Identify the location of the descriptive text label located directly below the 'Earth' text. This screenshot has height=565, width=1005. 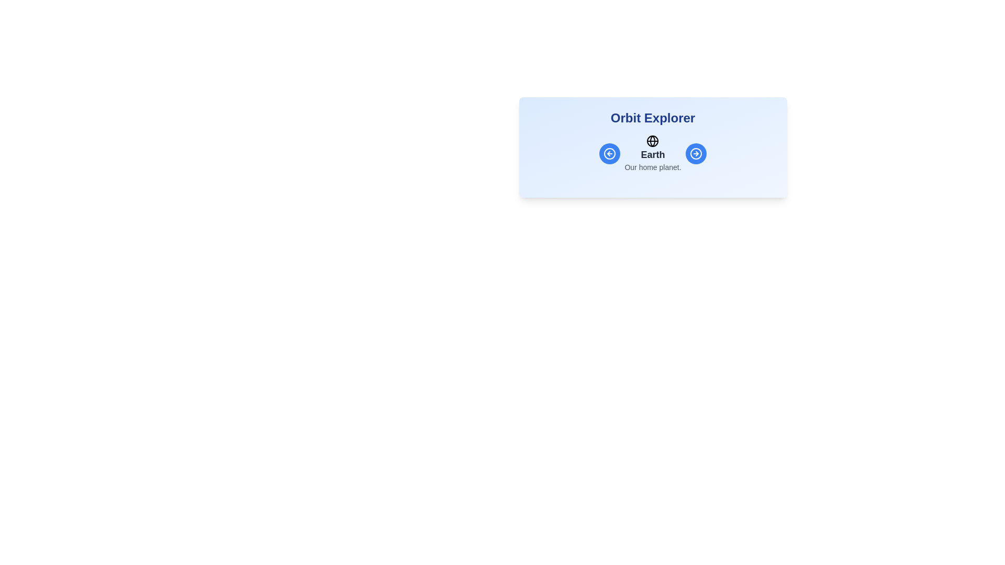
(652, 167).